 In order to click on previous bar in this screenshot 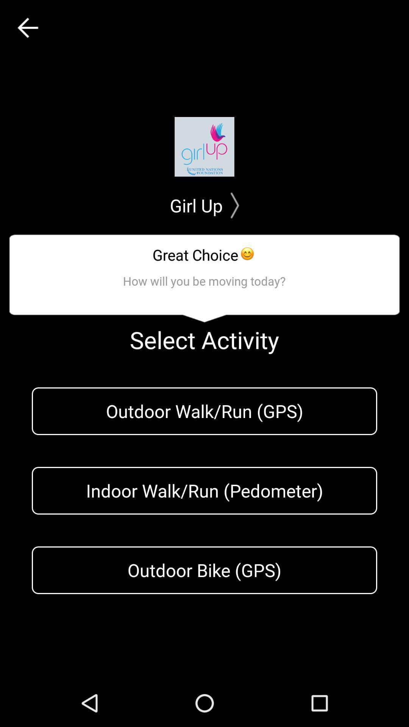, I will do `click(27, 28)`.